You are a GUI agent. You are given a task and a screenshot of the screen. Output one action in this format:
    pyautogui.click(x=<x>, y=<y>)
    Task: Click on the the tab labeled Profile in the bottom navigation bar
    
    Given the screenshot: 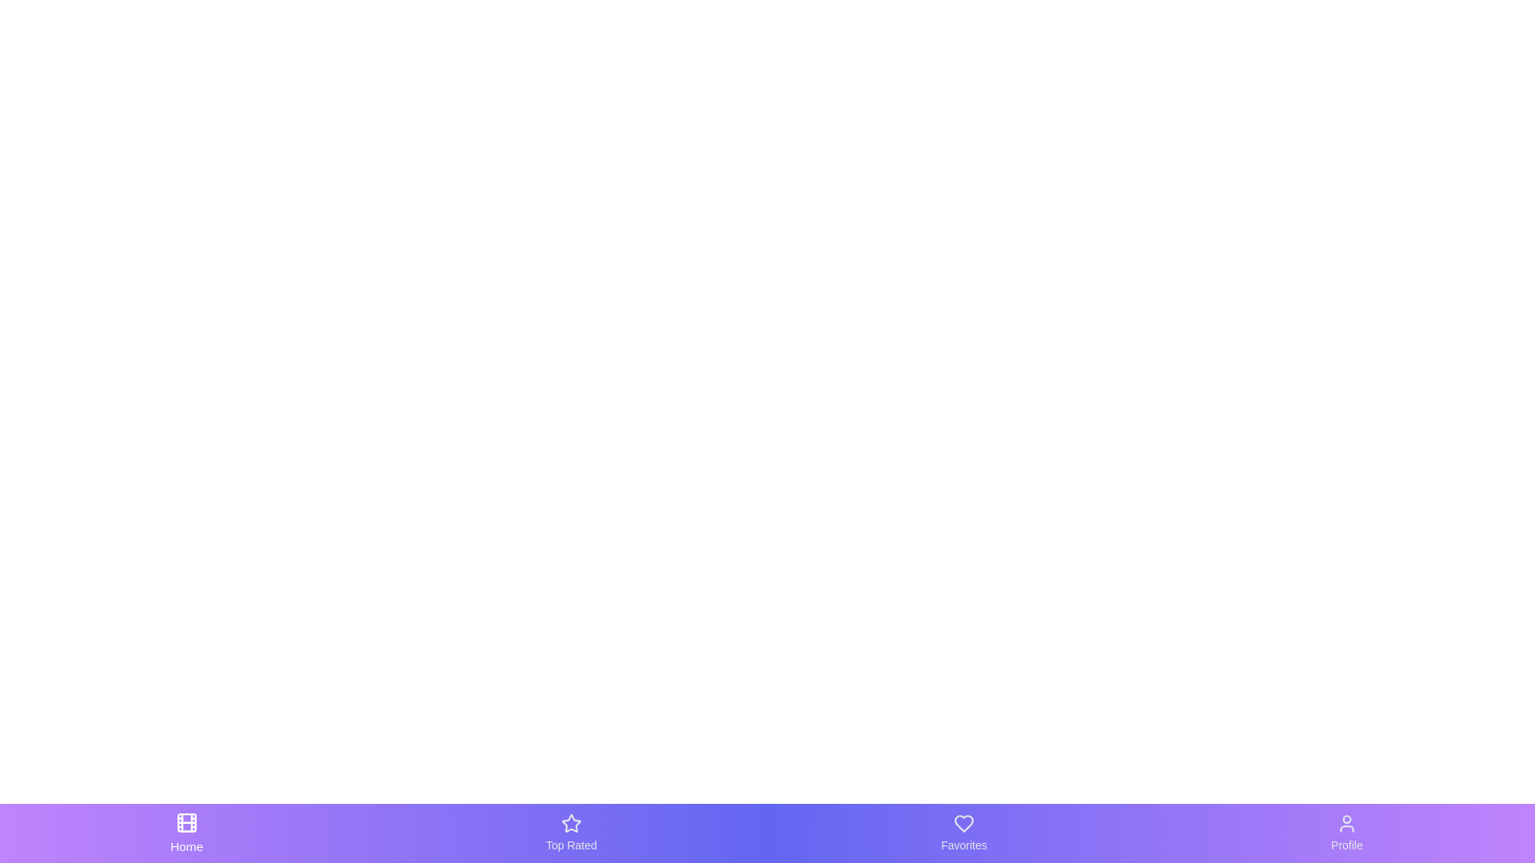 What is the action you would take?
    pyautogui.click(x=1346, y=832)
    